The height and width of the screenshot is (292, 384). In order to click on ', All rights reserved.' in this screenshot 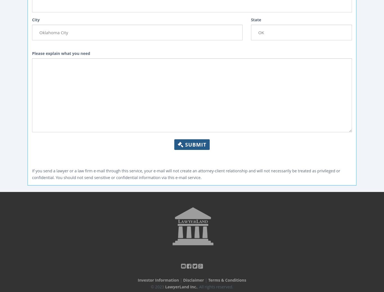, I will do `click(215, 286)`.